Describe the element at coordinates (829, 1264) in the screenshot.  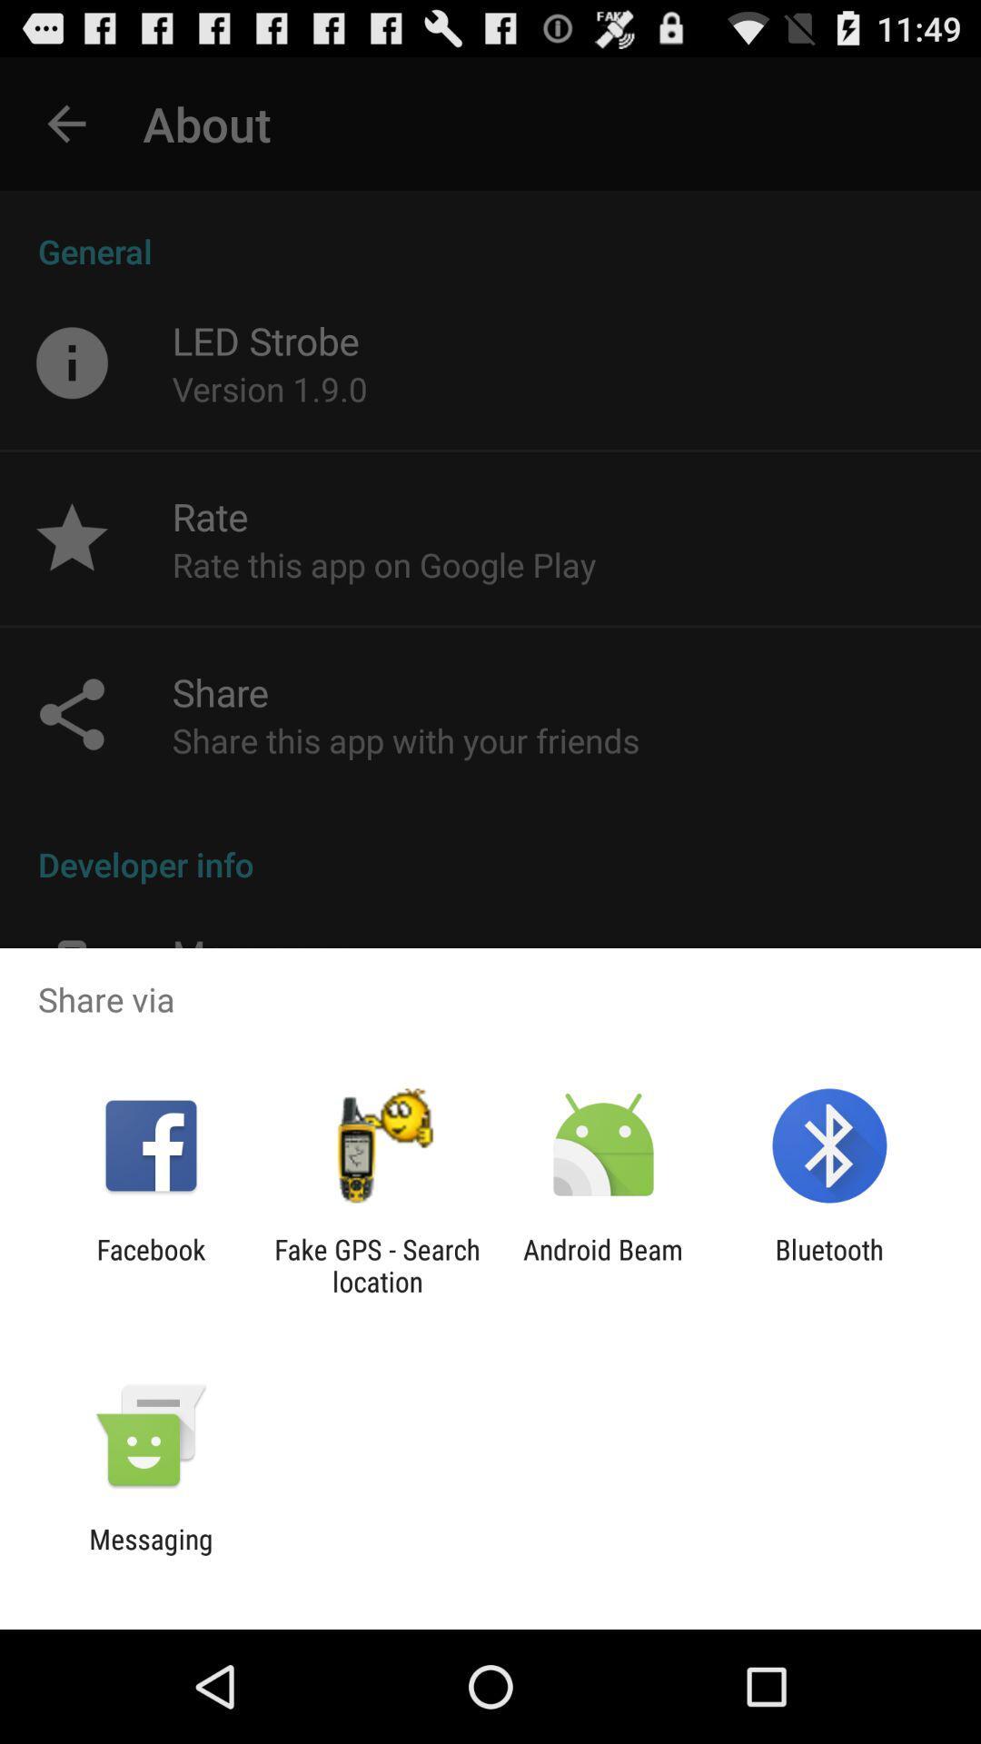
I see `icon to the right of the android beam icon` at that location.